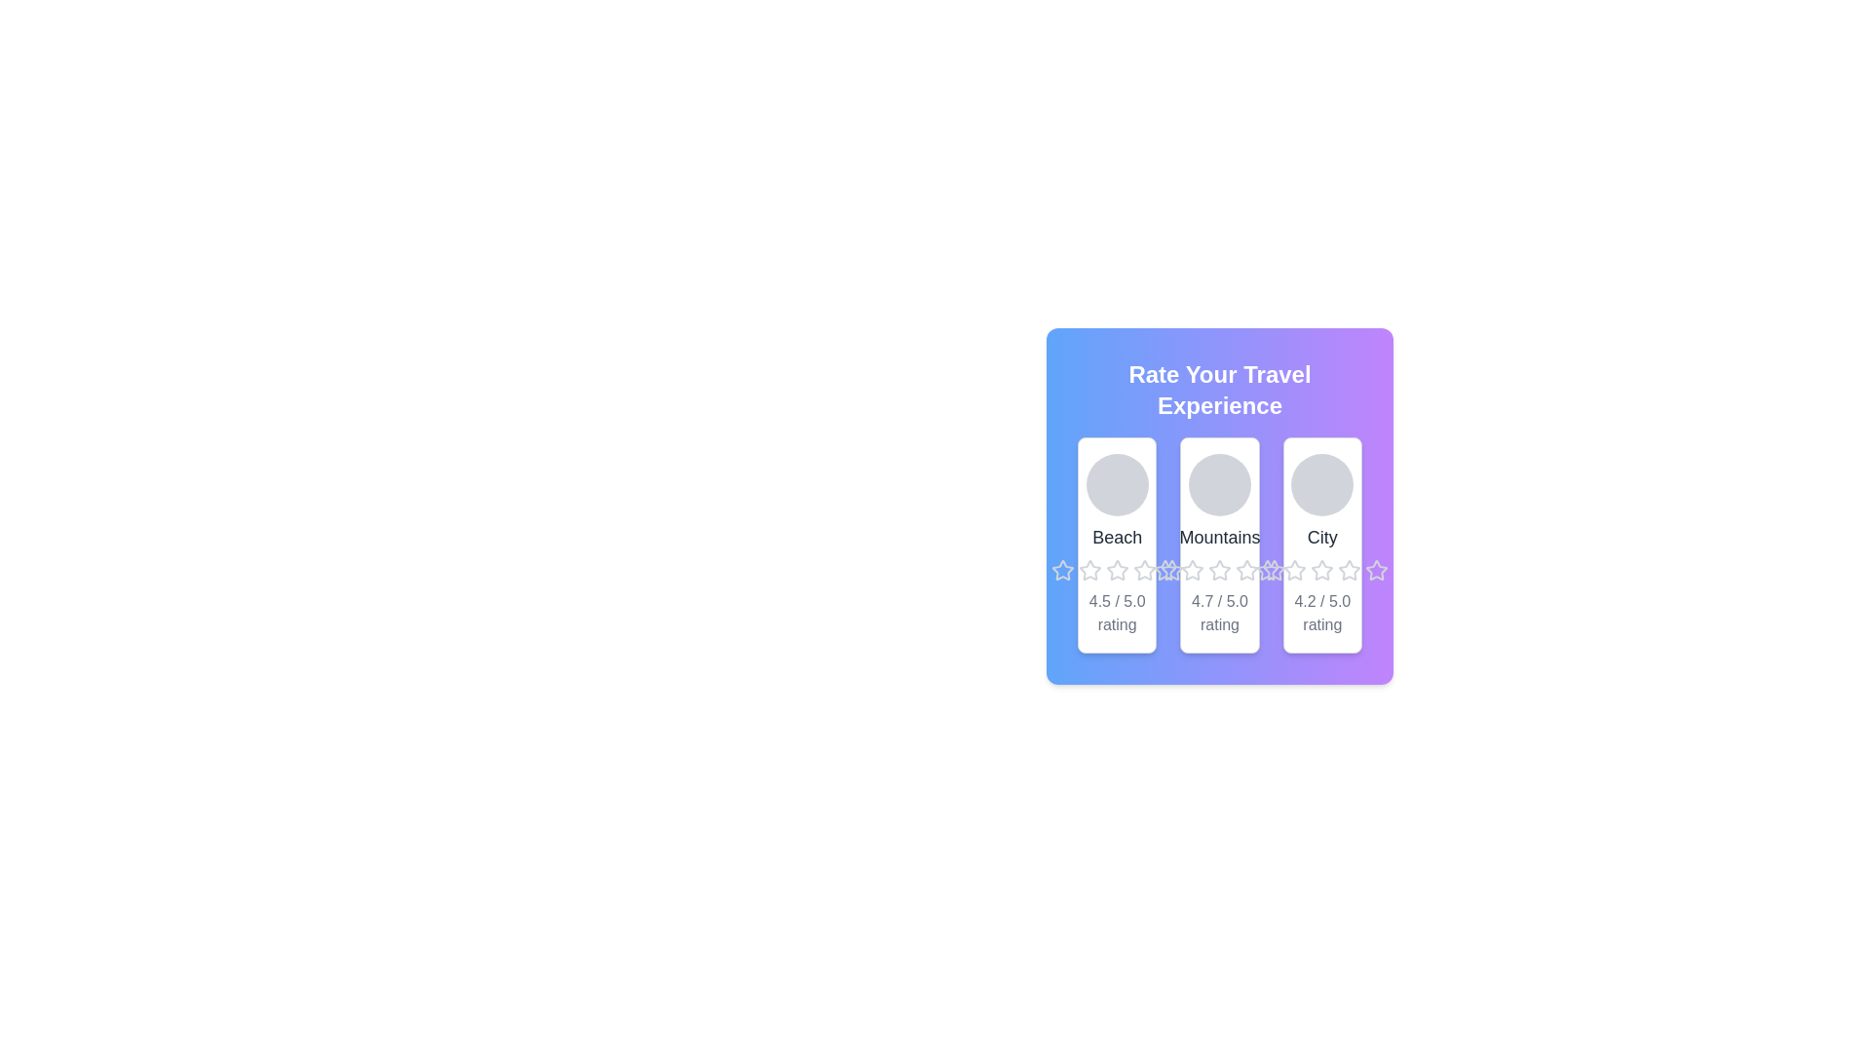 This screenshot has width=1871, height=1052. I want to click on the fourth star icon in the rating system for the 'Mountains' travel experience, so click(1275, 570).